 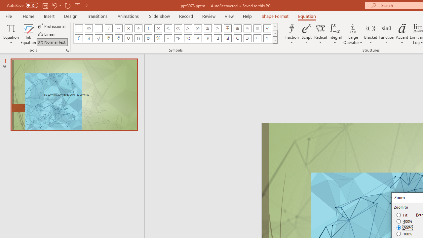 I want to click on 'Equation Symbol Union', so click(x=129, y=38).